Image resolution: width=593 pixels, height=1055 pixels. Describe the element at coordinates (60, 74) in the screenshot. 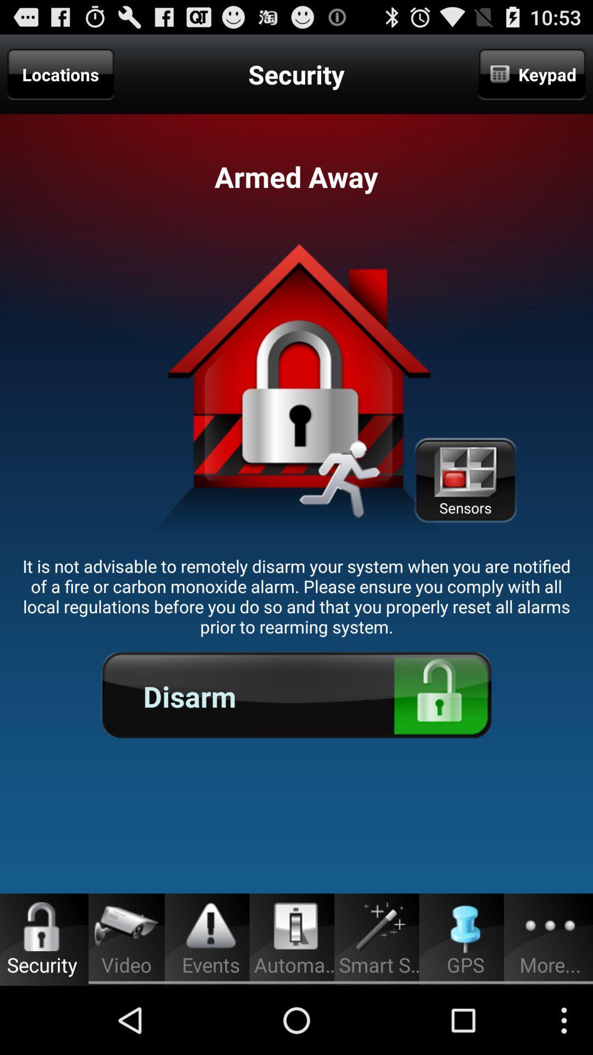

I see `the locations item` at that location.